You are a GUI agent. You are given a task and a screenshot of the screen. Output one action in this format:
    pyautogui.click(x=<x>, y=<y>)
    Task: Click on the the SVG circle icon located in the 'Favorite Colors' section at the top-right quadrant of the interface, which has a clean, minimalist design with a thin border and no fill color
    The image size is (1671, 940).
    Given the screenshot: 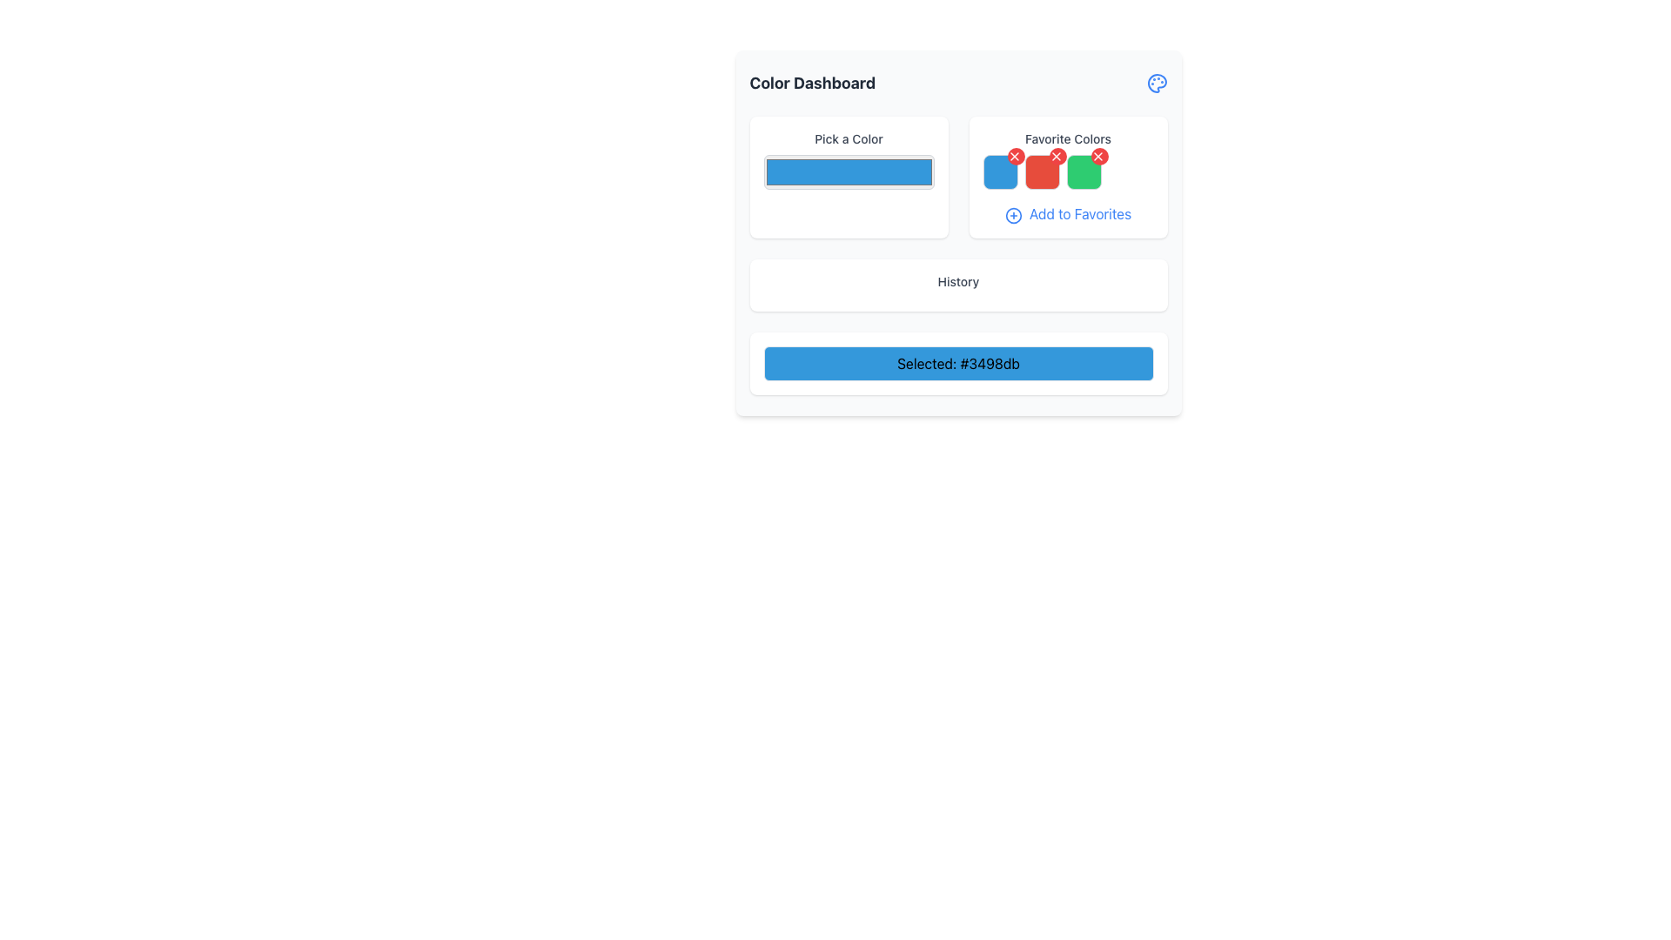 What is the action you would take?
    pyautogui.click(x=1013, y=214)
    